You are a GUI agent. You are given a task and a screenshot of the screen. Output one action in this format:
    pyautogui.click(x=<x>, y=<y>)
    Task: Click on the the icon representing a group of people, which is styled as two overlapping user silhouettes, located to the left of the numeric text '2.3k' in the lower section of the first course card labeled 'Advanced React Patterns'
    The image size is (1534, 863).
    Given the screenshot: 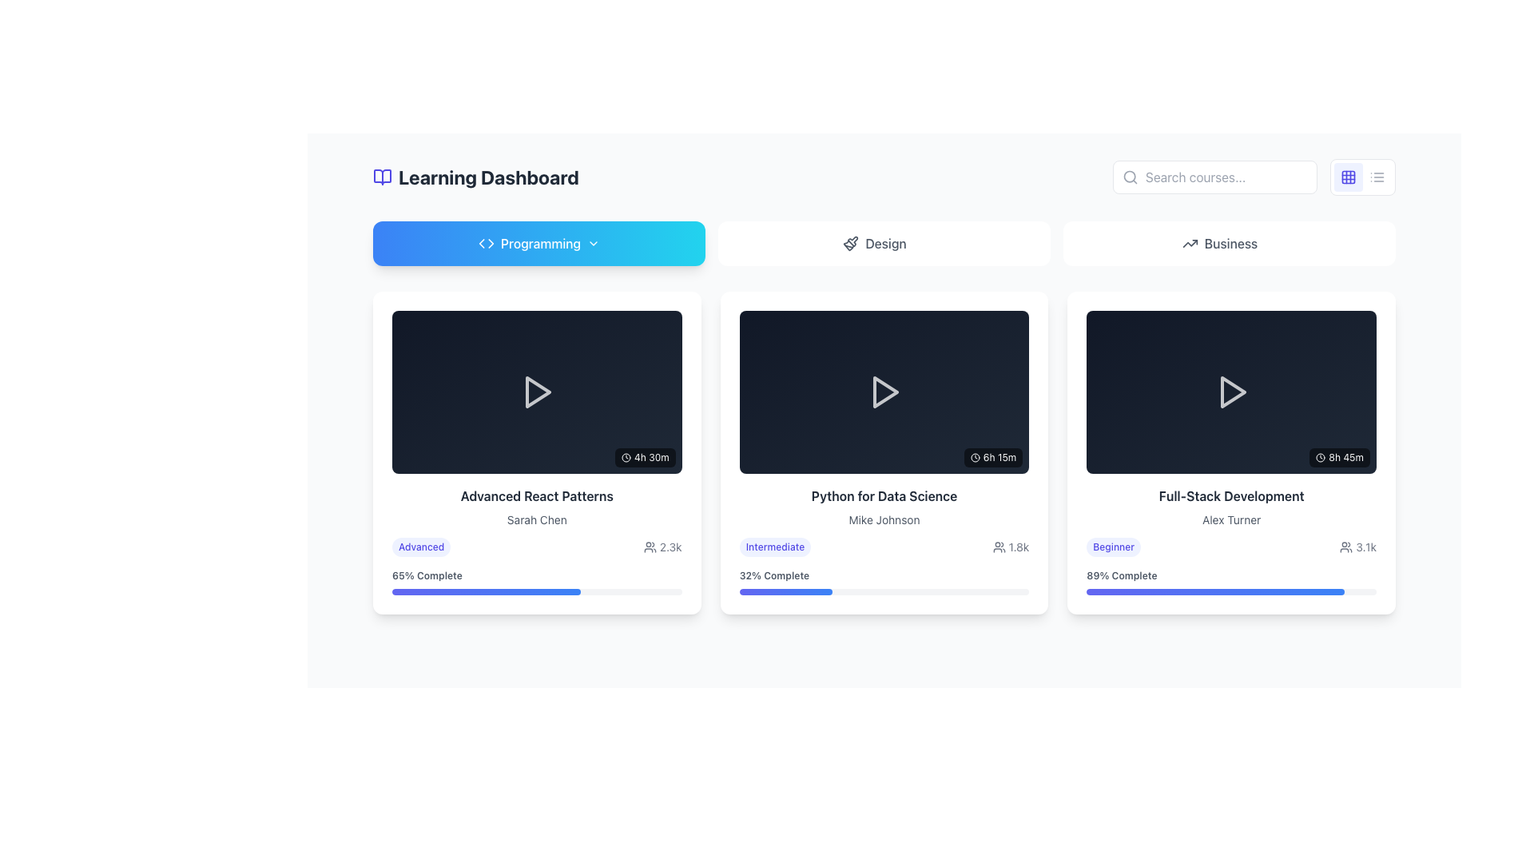 What is the action you would take?
    pyautogui.click(x=650, y=546)
    